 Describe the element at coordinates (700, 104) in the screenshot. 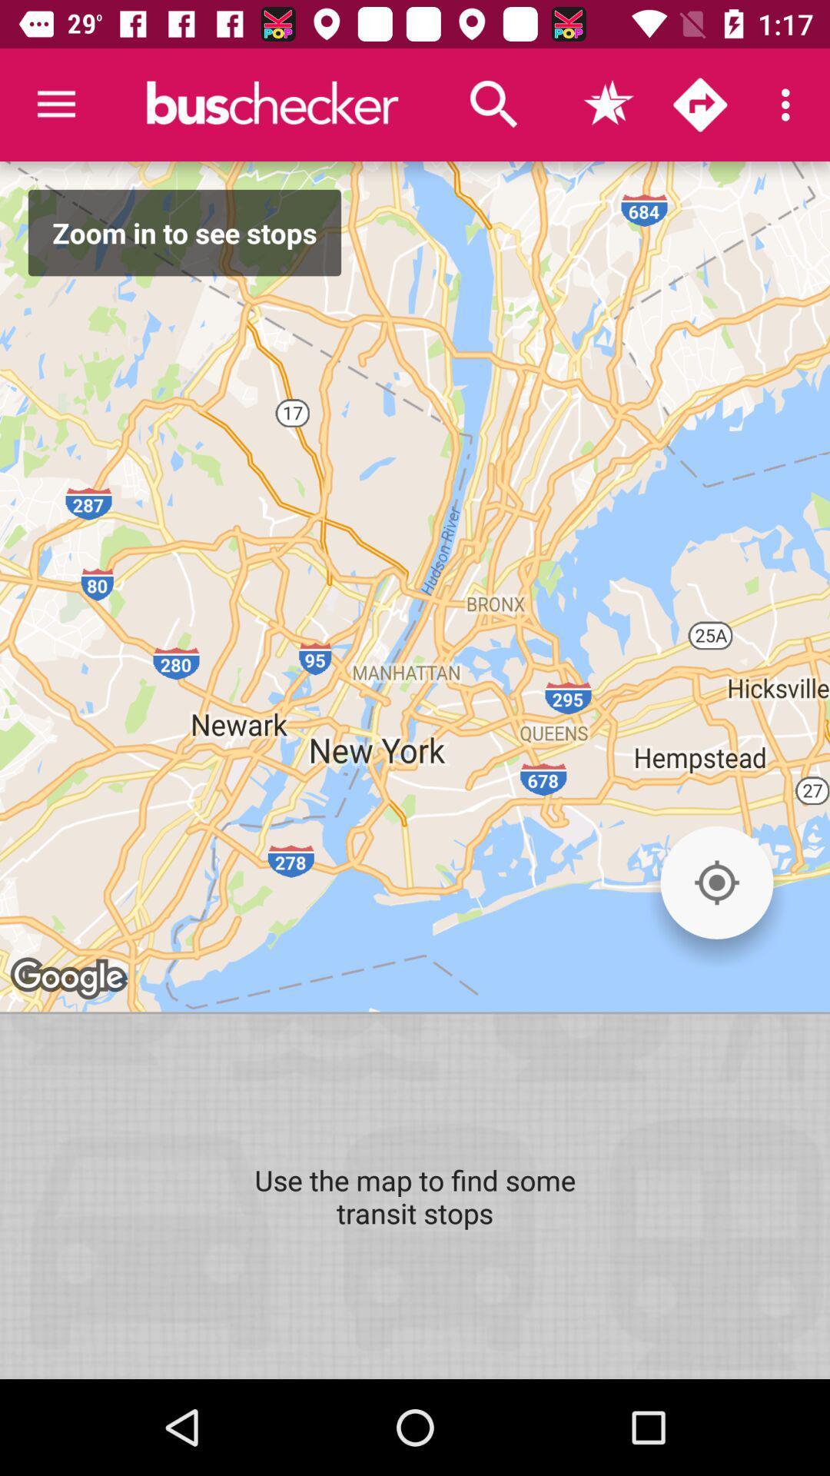

I see `get directions` at that location.